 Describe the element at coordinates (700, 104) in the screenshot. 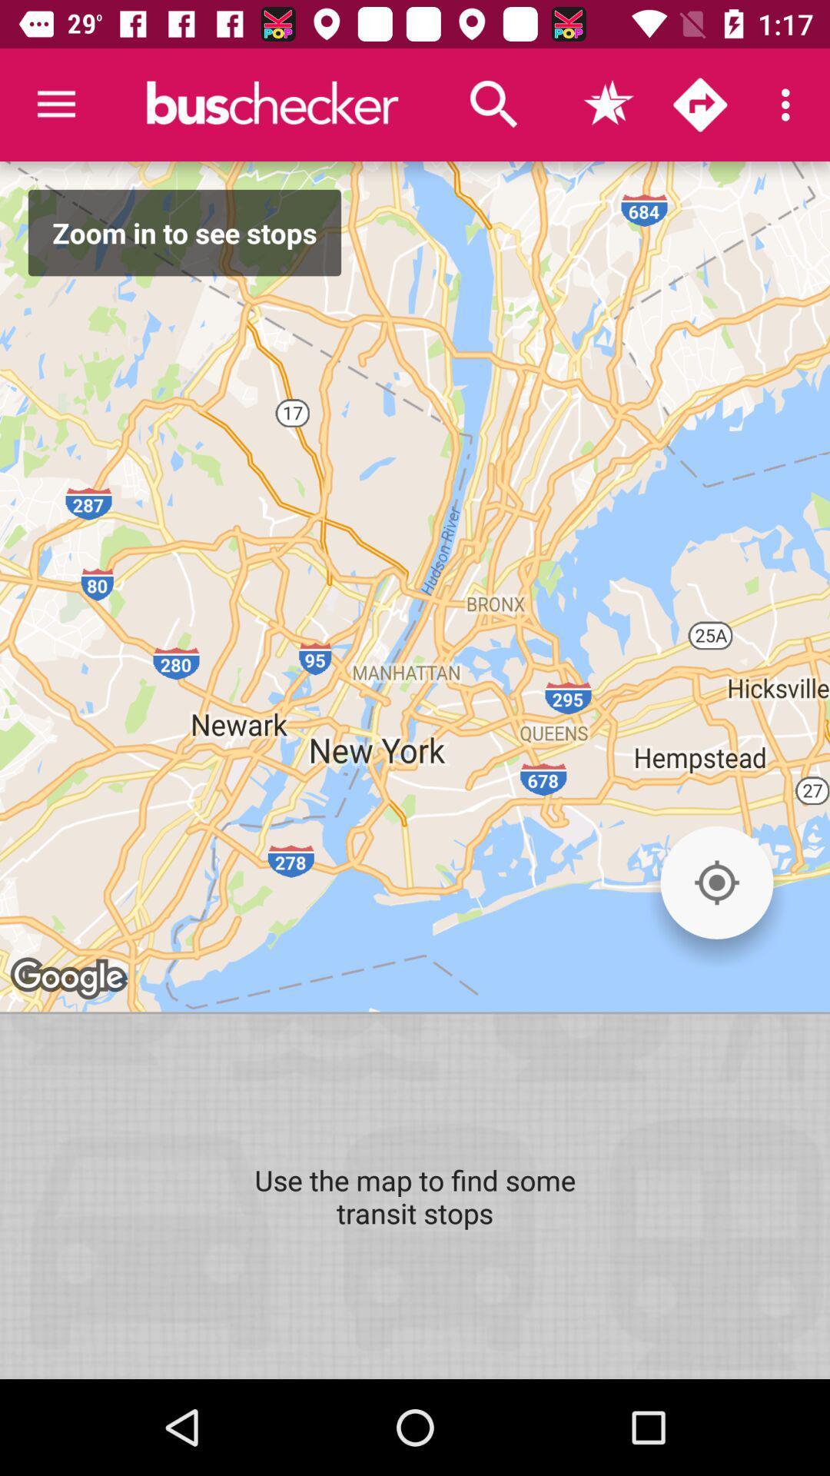

I see `get directions` at that location.